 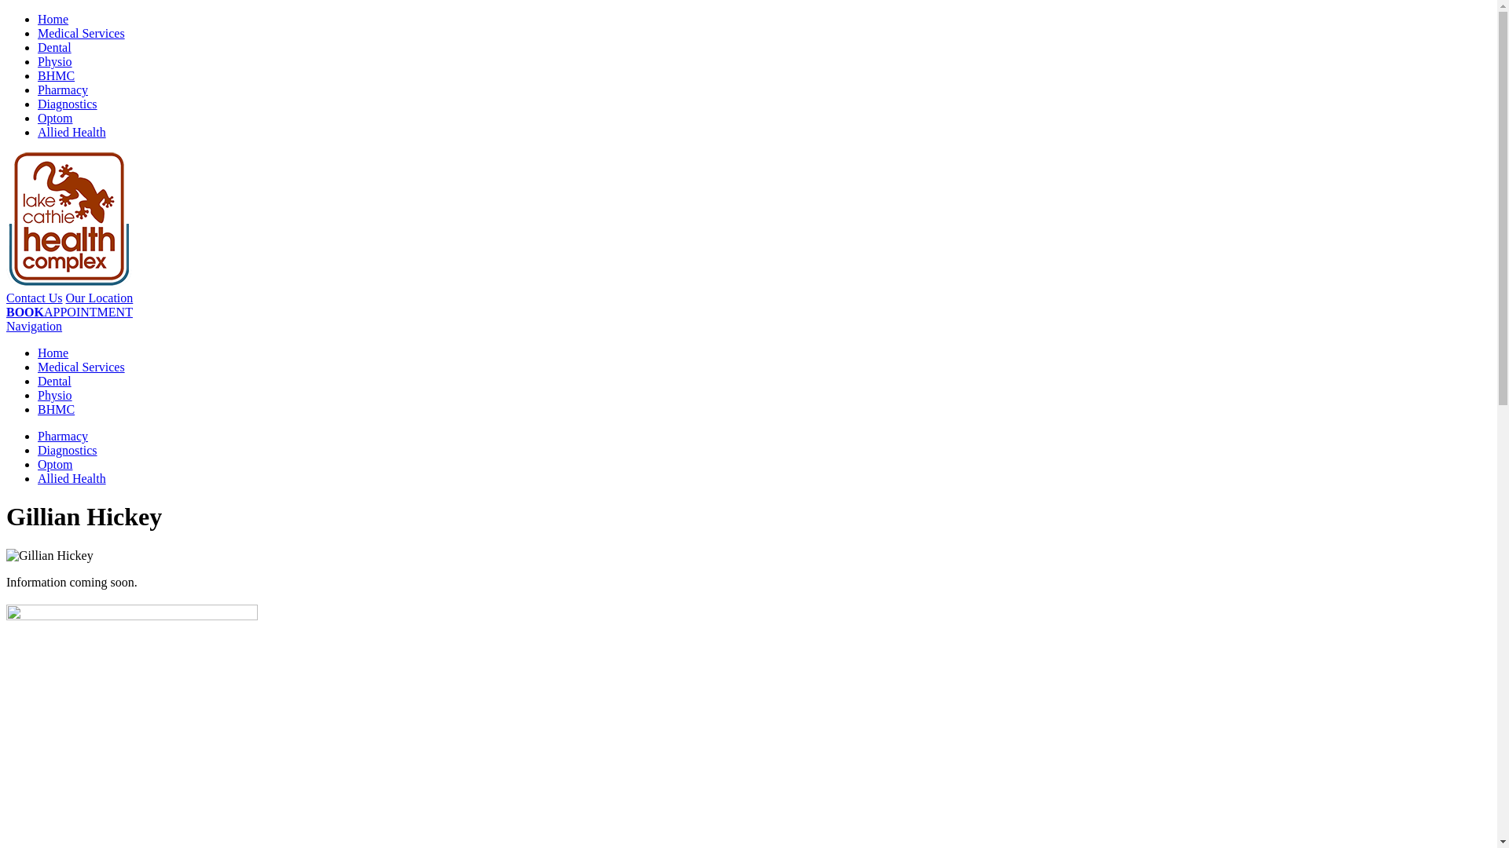 I want to click on 'Physio', so click(x=55, y=394).